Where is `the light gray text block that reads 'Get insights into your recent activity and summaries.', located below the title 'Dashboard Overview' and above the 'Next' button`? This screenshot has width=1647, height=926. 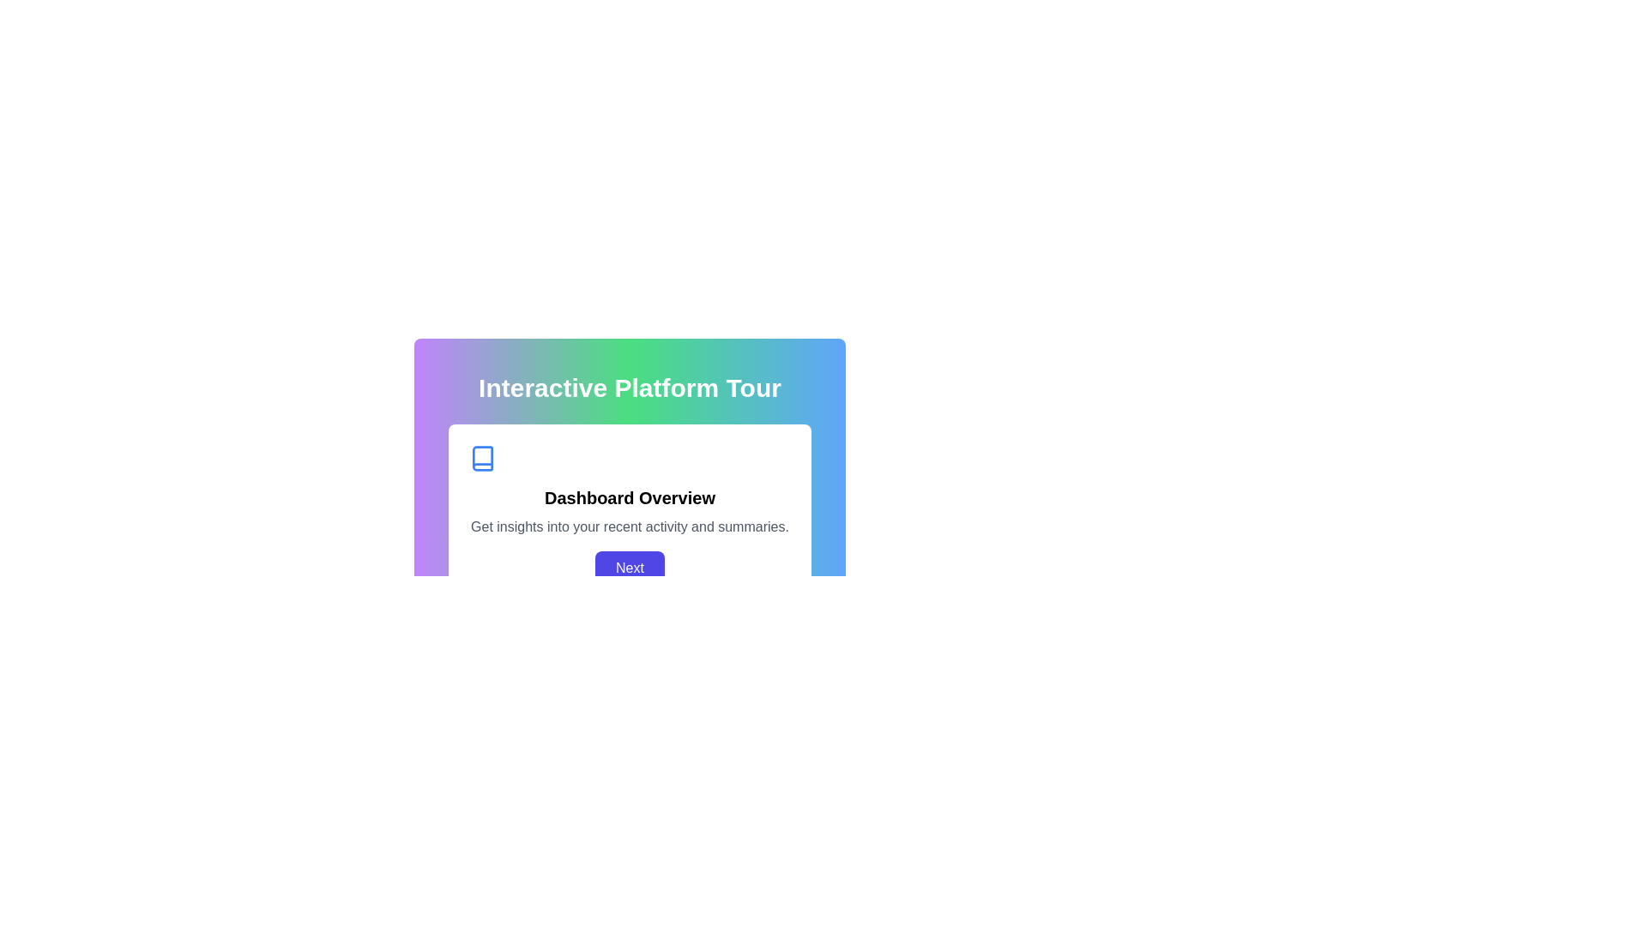
the light gray text block that reads 'Get insights into your recent activity and summaries.', located below the title 'Dashboard Overview' and above the 'Next' button is located at coordinates (629, 526).